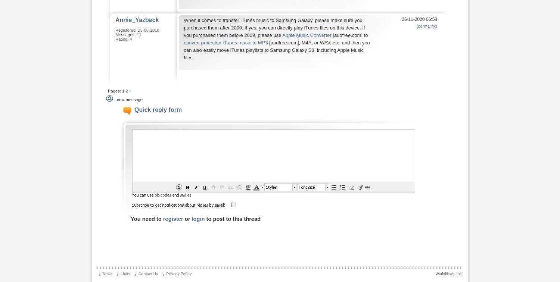  What do you see at coordinates (427, 26) in the screenshot?
I see `'(permalink)'` at bounding box center [427, 26].